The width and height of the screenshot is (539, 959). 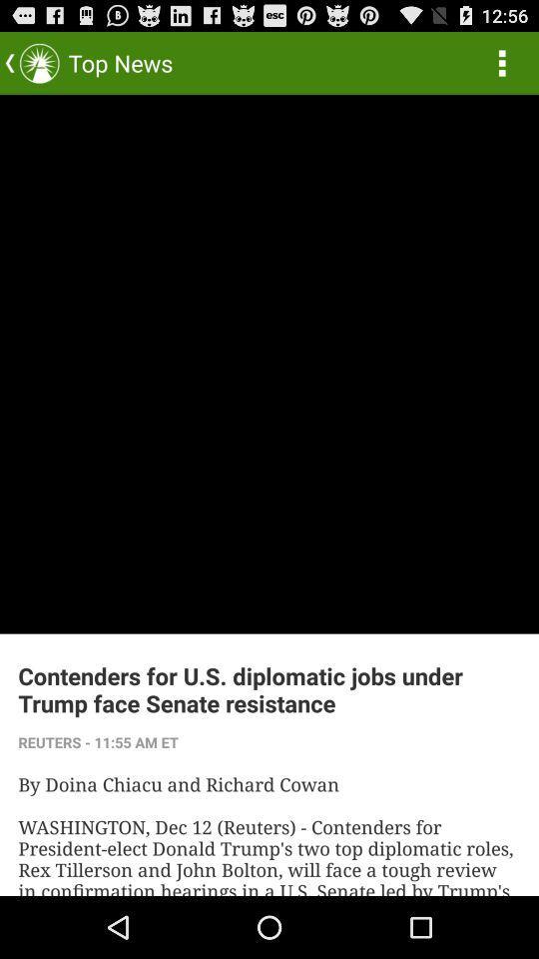 What do you see at coordinates (501, 62) in the screenshot?
I see `the icon to the right of top news icon` at bounding box center [501, 62].